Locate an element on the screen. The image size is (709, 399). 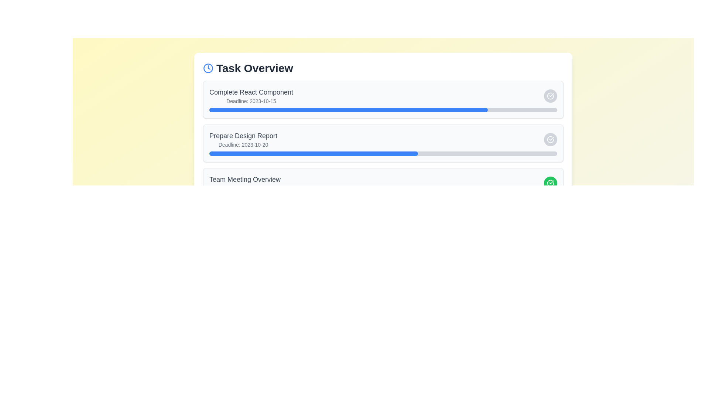
the decorative or informational icon representing time or scheduling, located at the top-left corner of the 'Task Overview' group, aligned with the title text is located at coordinates (208, 68).